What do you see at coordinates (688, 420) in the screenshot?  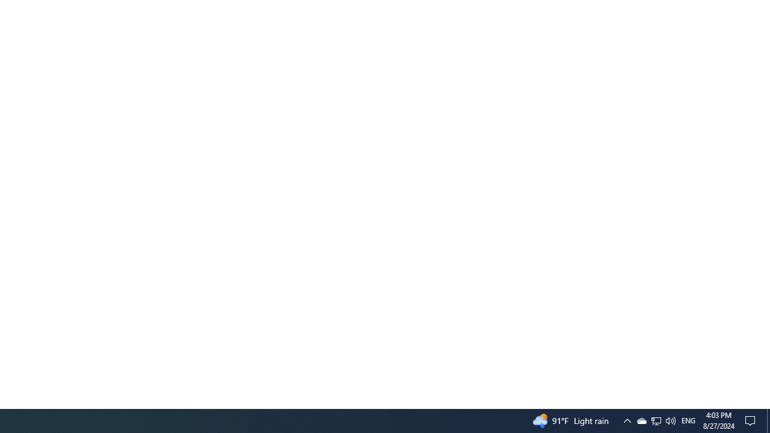 I see `'Tray Input Indicator - English (United States)'` at bounding box center [688, 420].